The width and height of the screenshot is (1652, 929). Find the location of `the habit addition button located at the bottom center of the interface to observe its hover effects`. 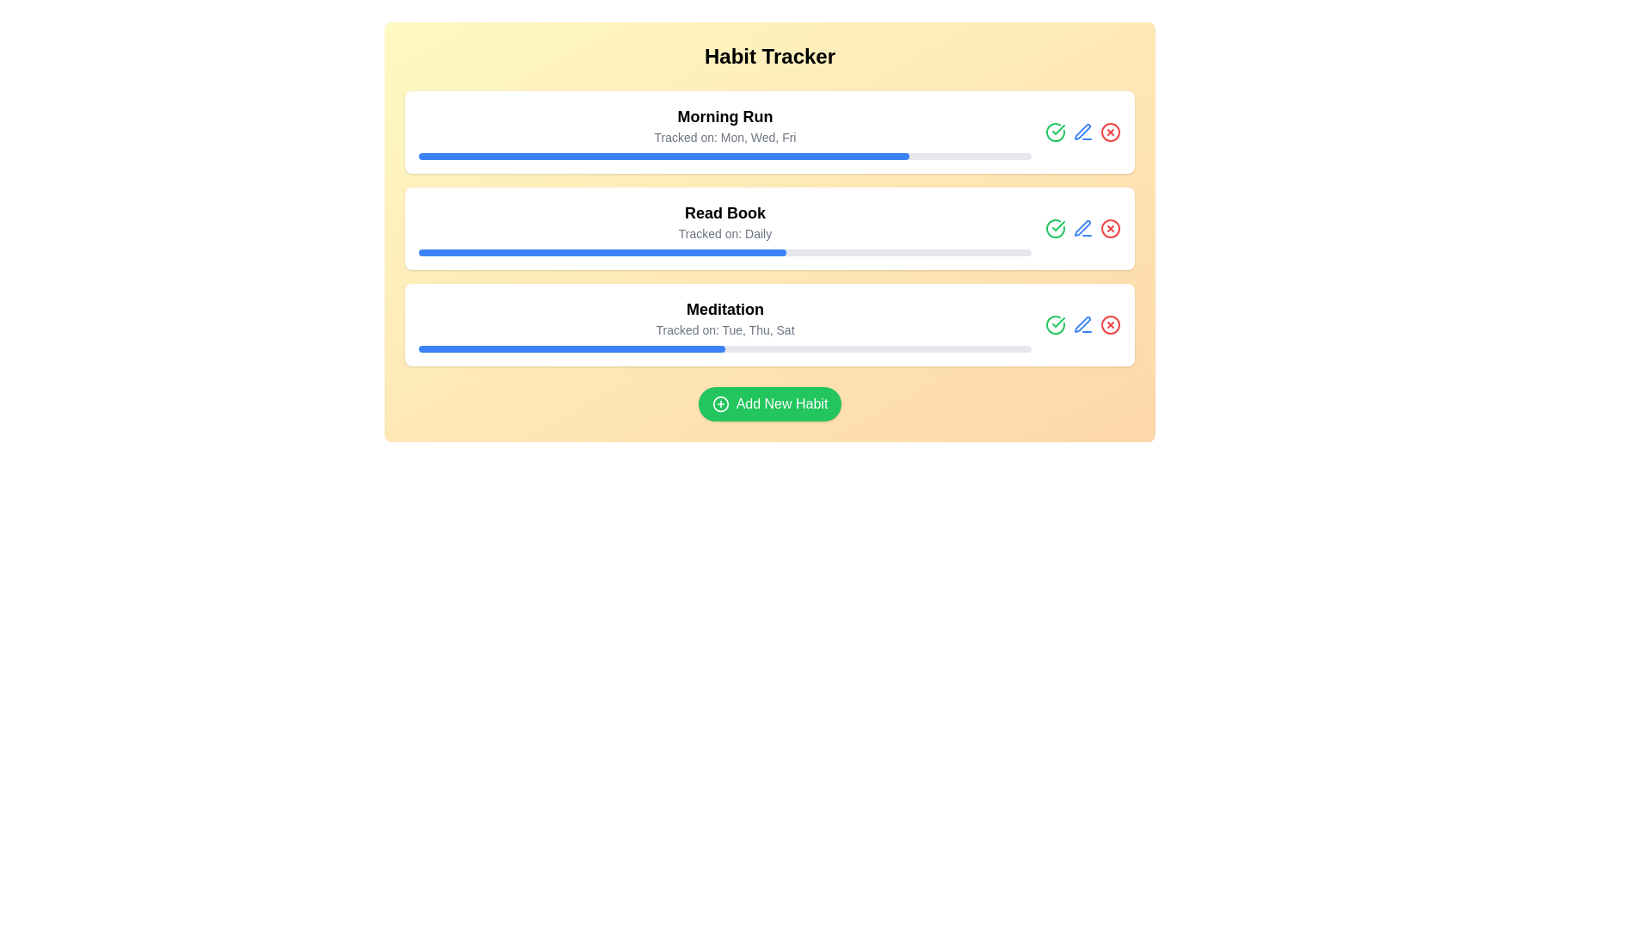

the habit addition button located at the bottom center of the interface to observe its hover effects is located at coordinates (768, 404).